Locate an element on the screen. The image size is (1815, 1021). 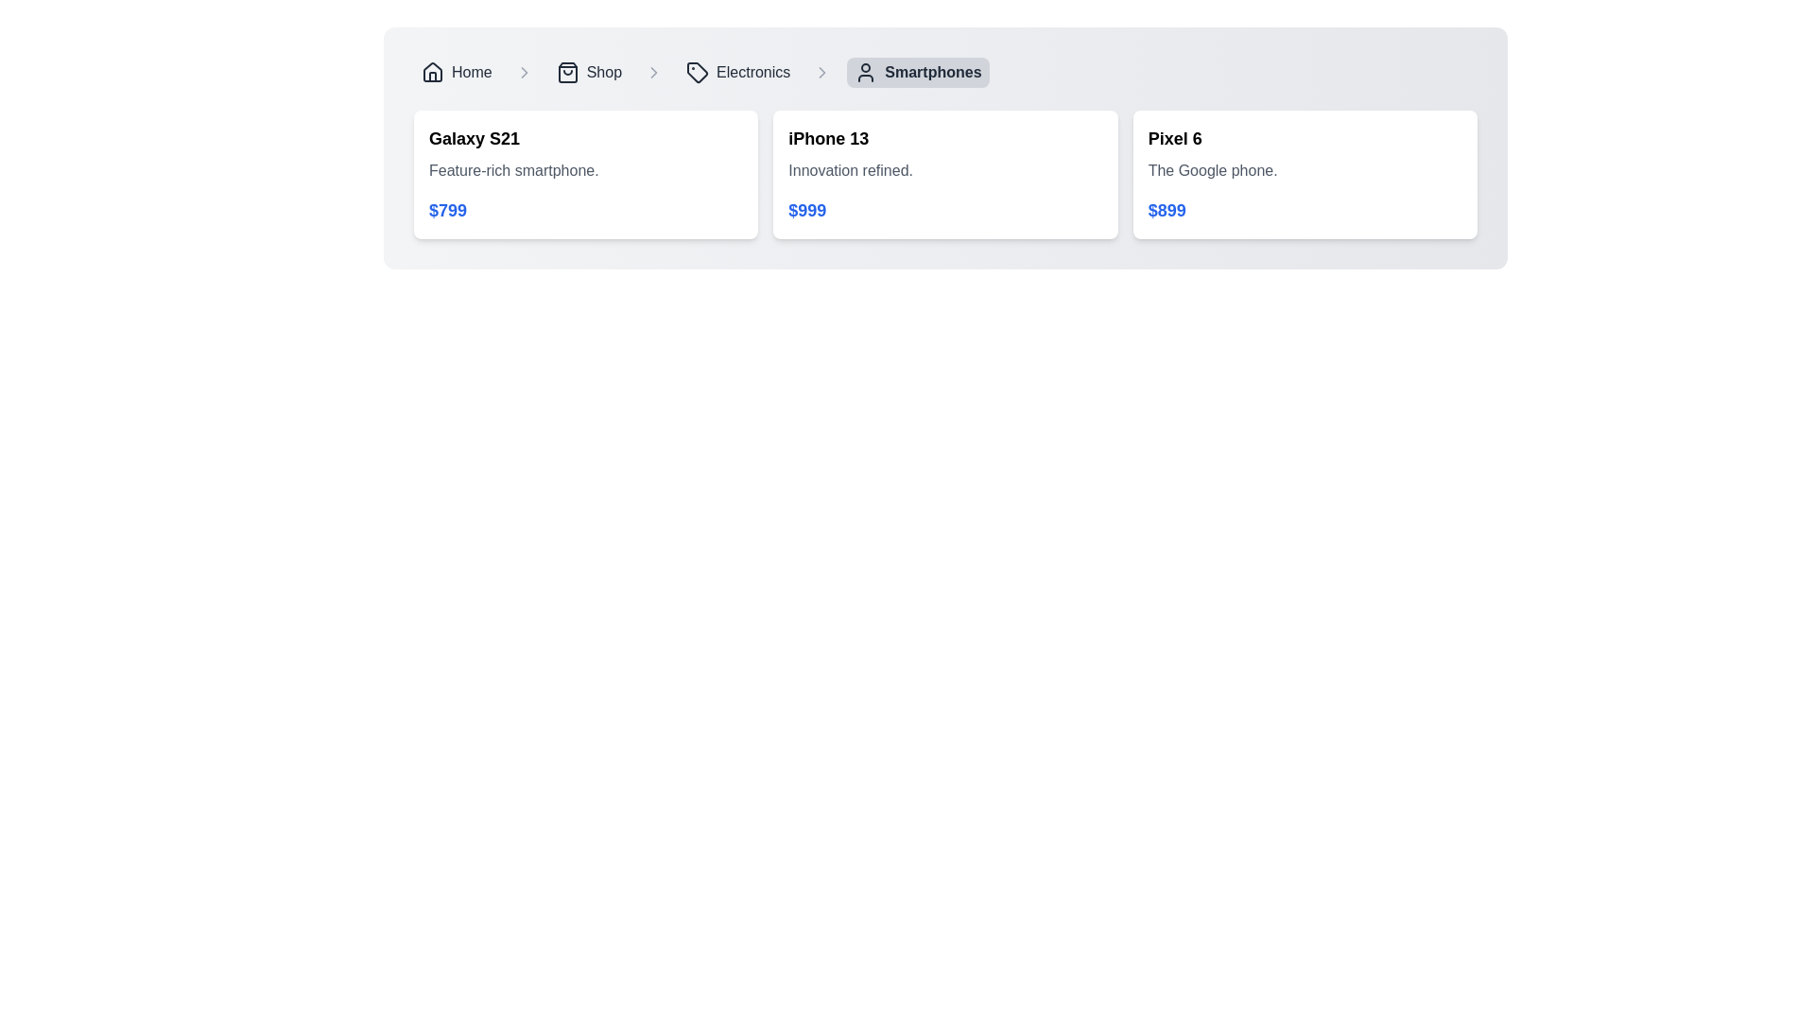
the Breadcrumb Navigation Link that features a house icon and the text 'Home', which is the first item in the breadcrumb navigation bar at the top of the interface is located at coordinates (457, 72).